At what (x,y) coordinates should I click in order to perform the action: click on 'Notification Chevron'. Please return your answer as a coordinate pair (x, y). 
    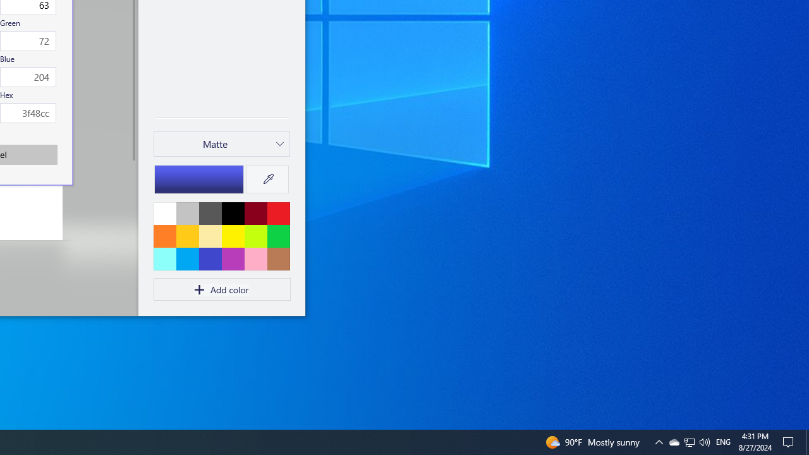
    Looking at the image, I should click on (673, 441).